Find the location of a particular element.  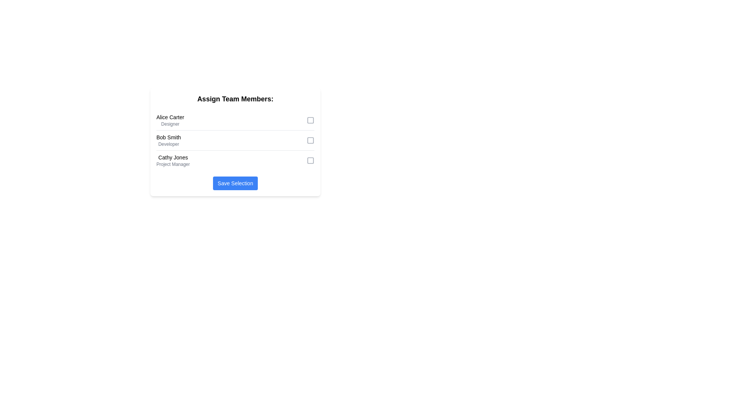

the text label displaying 'Cathy Jones' and the role 'Project Manager', which is the third item in the vertical list of team members is located at coordinates (173, 160).